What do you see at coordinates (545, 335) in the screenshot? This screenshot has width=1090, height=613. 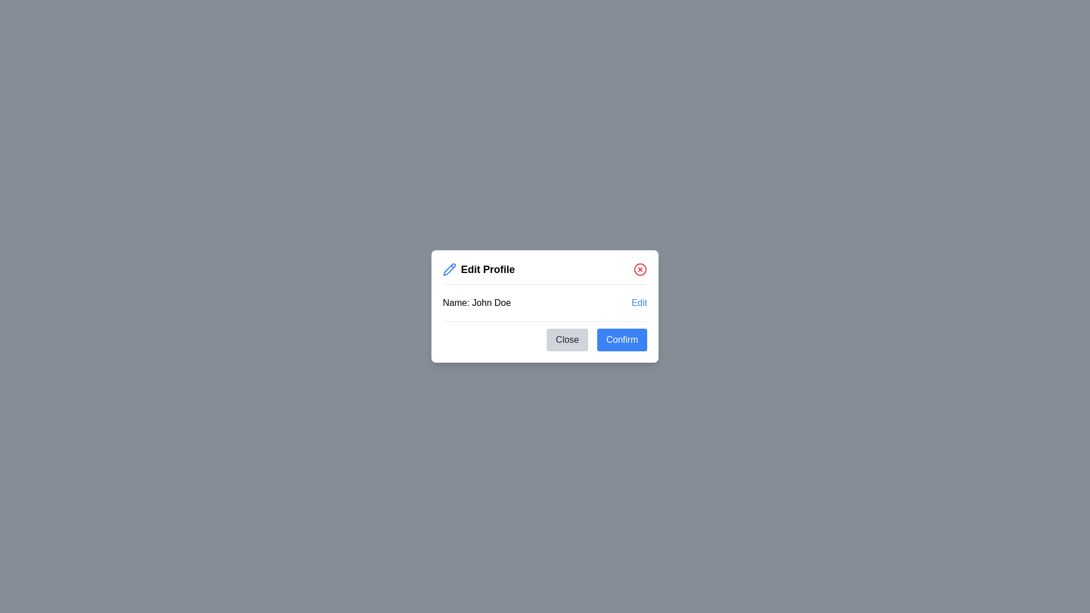 I see `the 'Close' button located at the bottom right of the modal, below the 'Name: John Doe' section` at bounding box center [545, 335].